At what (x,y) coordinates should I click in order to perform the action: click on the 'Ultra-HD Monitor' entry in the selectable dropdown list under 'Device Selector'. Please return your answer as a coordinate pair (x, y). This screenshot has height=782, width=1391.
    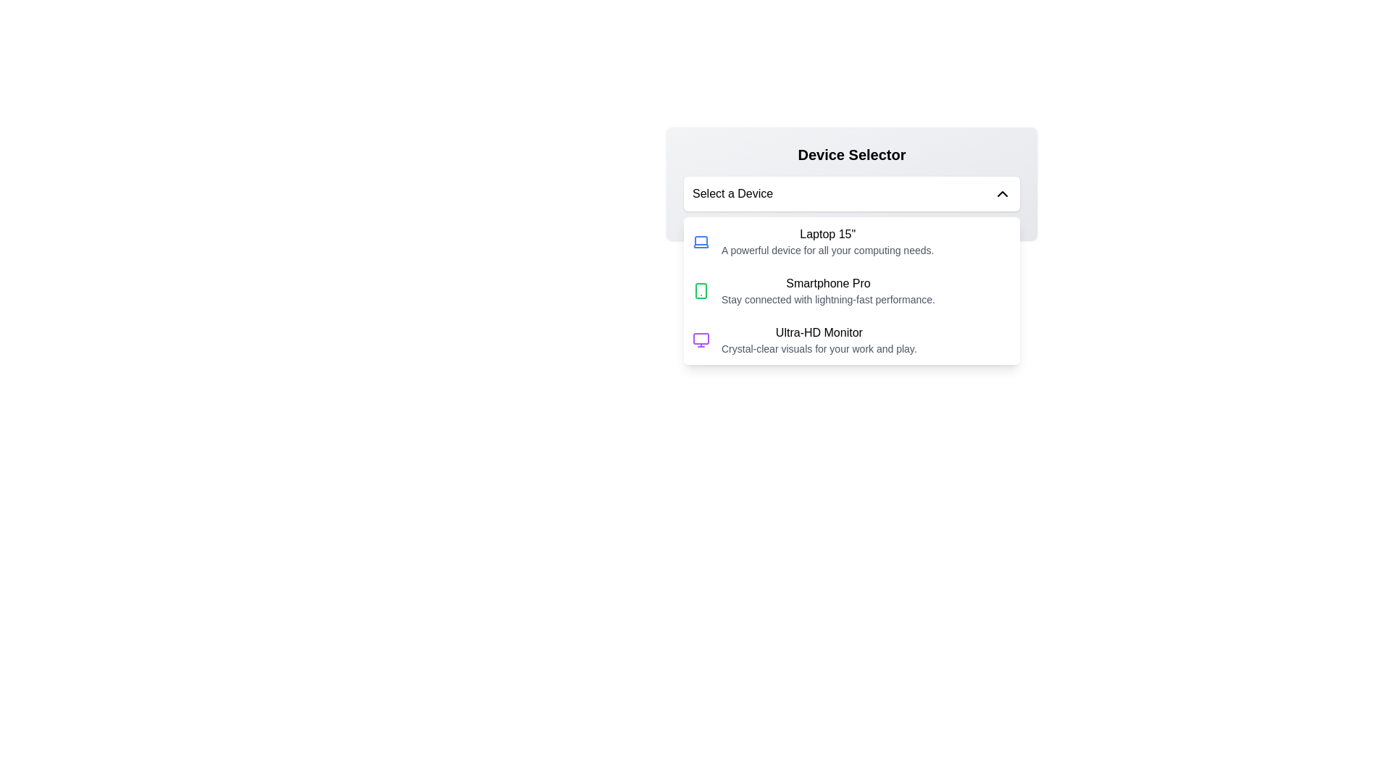
    Looking at the image, I should click on (819, 340).